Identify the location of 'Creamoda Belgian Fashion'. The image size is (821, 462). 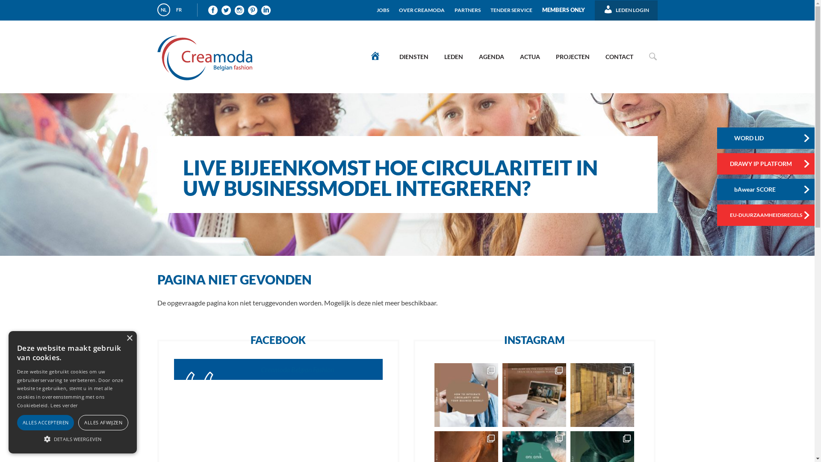
(297, 369).